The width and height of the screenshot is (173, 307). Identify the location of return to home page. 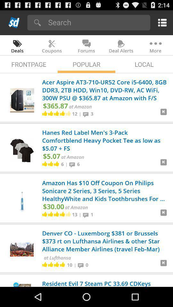
(14, 22).